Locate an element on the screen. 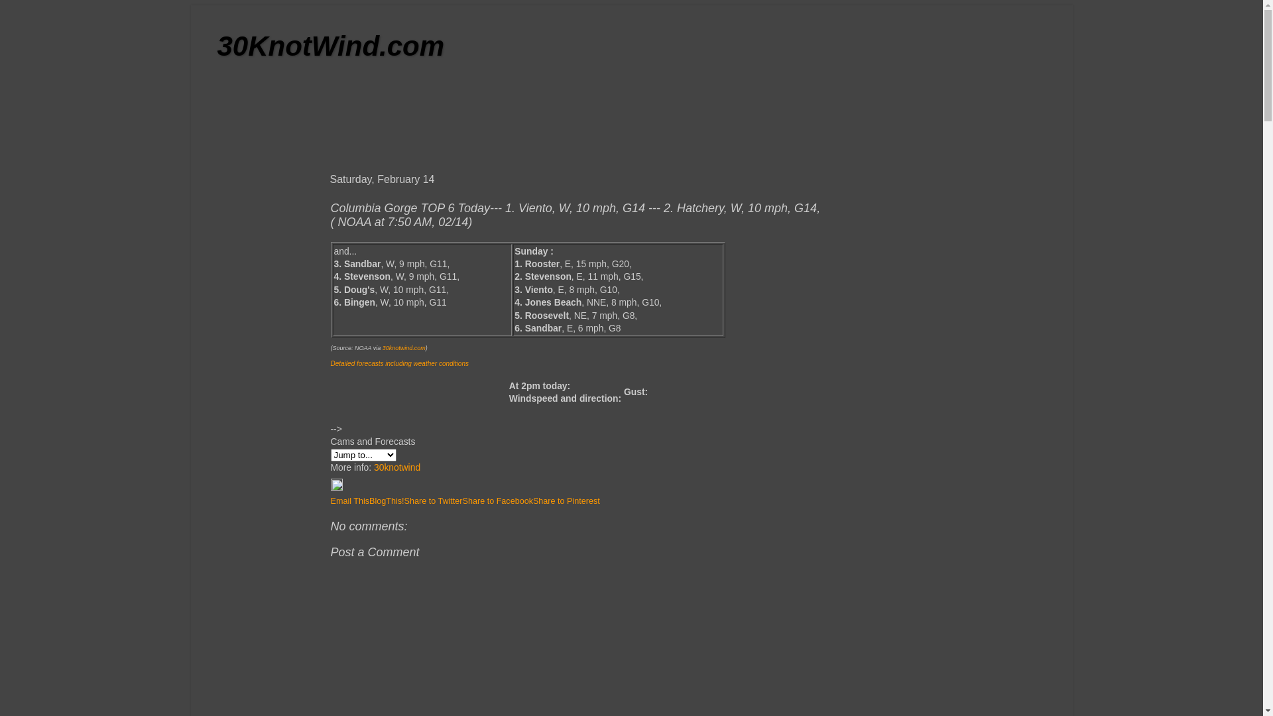 The height and width of the screenshot is (716, 1273). 'Share to Twitter' is located at coordinates (403, 501).